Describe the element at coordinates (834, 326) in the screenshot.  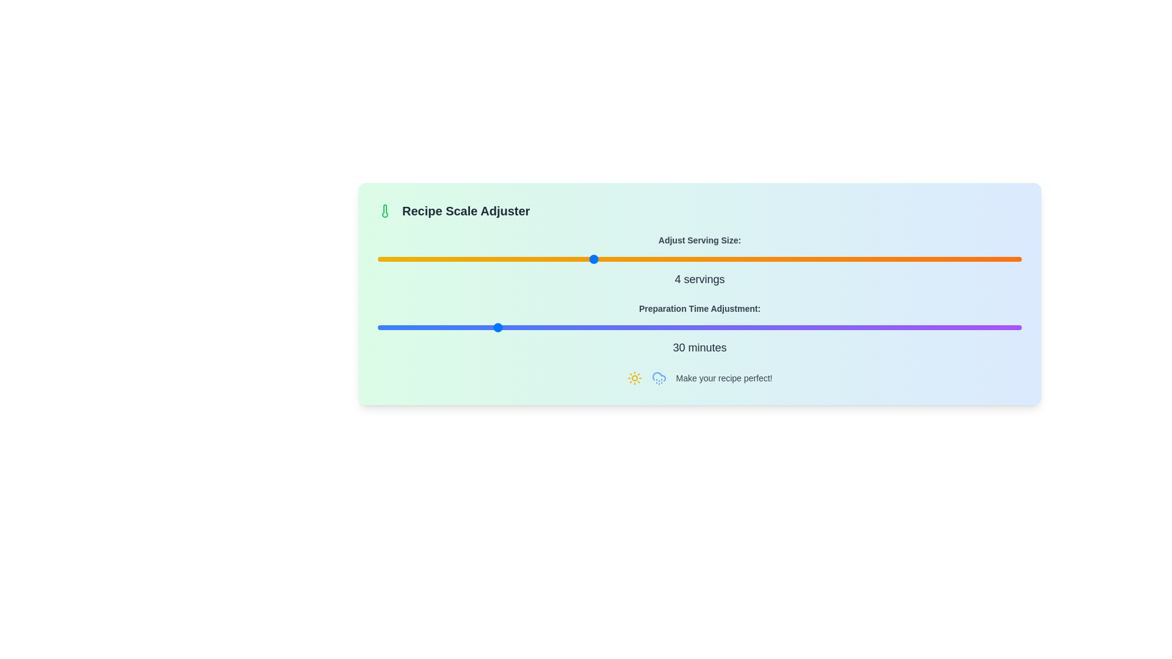
I see `preparation time adjustment` at that location.